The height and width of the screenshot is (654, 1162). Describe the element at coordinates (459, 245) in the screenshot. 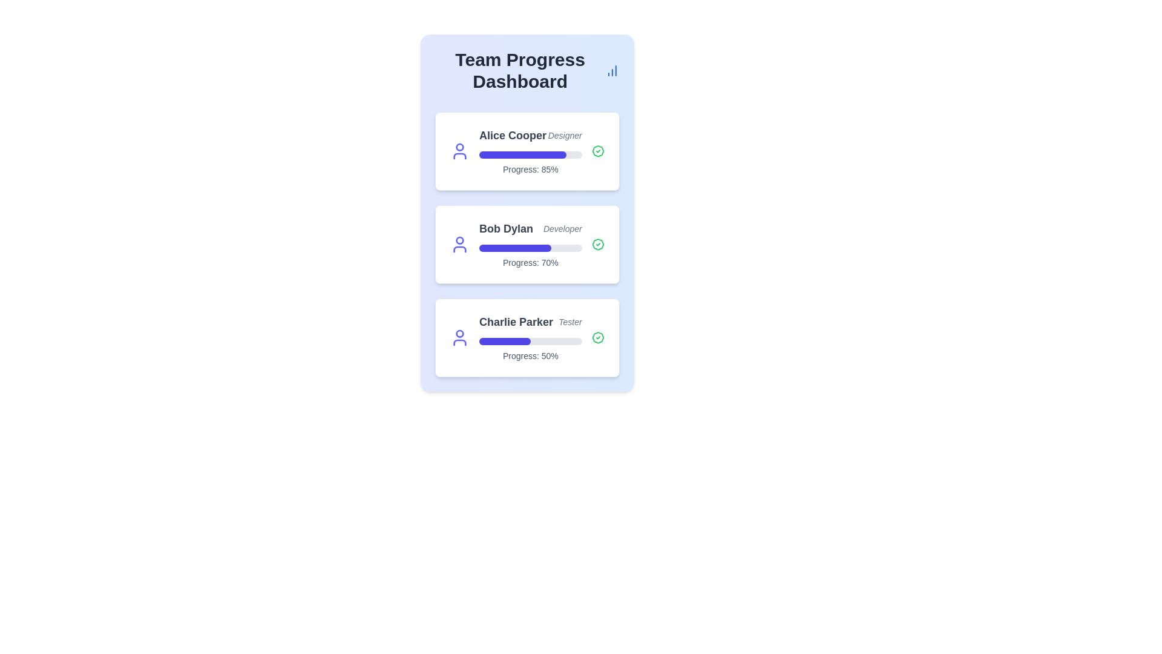

I see `the user icon representing Bob Dylan, located on the left side above the progress bar, adjacent to the name and role information` at that location.